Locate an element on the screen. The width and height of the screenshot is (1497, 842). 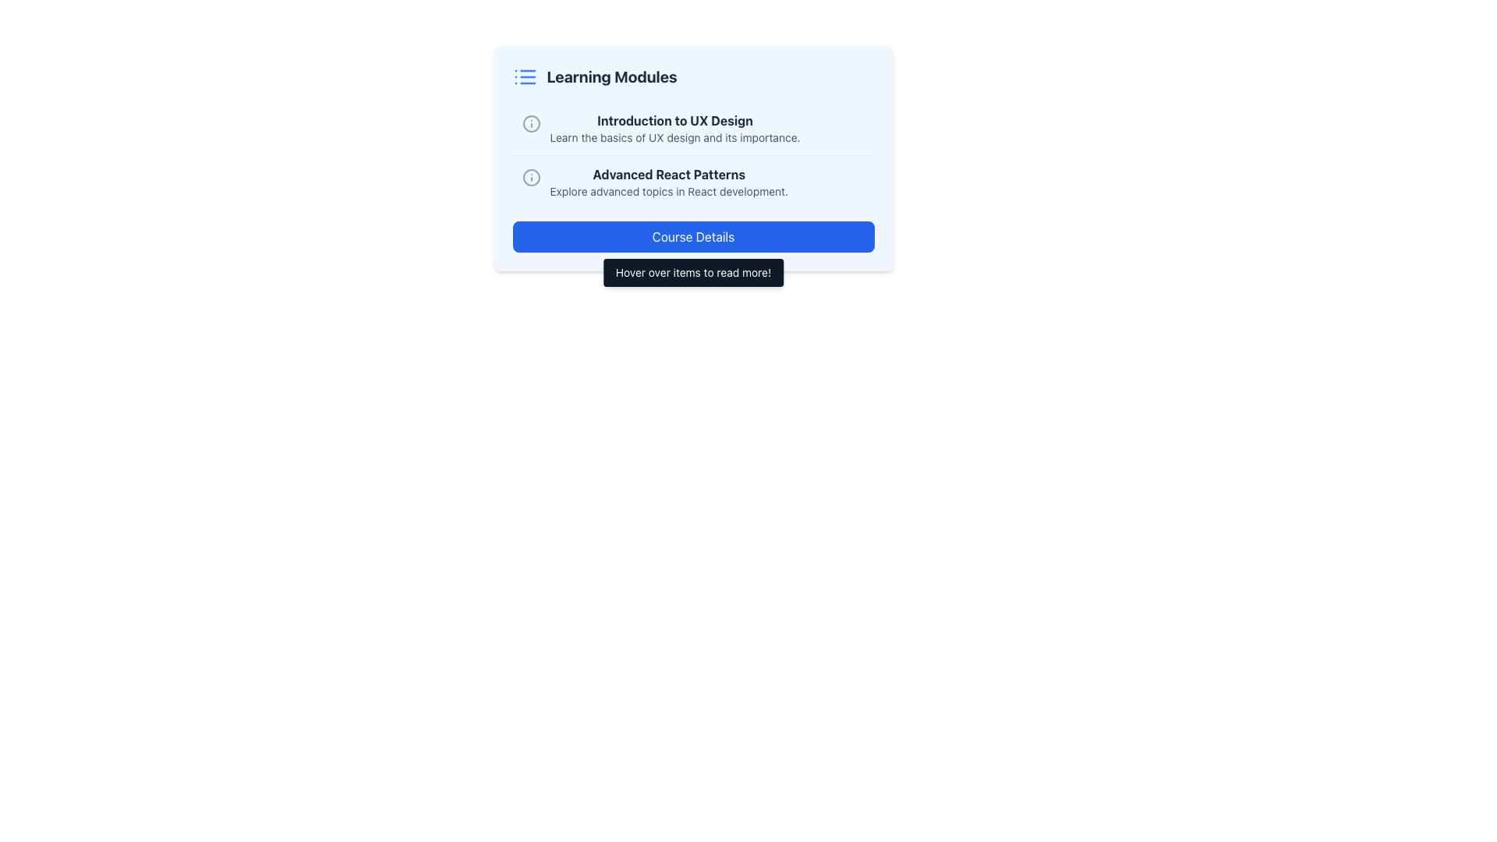
the appearance of the circular graphical component within the icon structure, which is positioned to the left of the 'Advanced React Patterns' text is located at coordinates (531, 122).